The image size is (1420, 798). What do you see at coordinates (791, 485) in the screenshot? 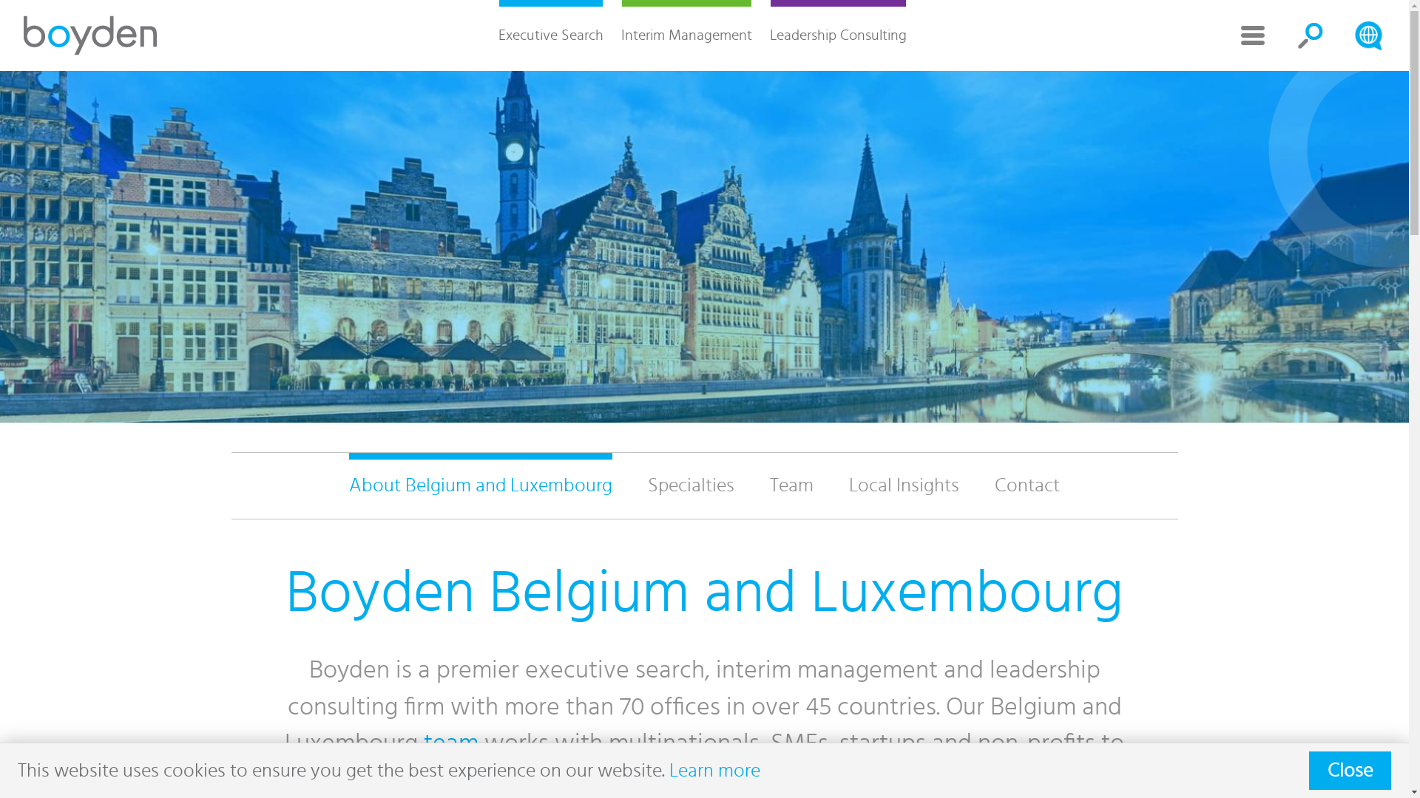
I see `'Team'` at bounding box center [791, 485].